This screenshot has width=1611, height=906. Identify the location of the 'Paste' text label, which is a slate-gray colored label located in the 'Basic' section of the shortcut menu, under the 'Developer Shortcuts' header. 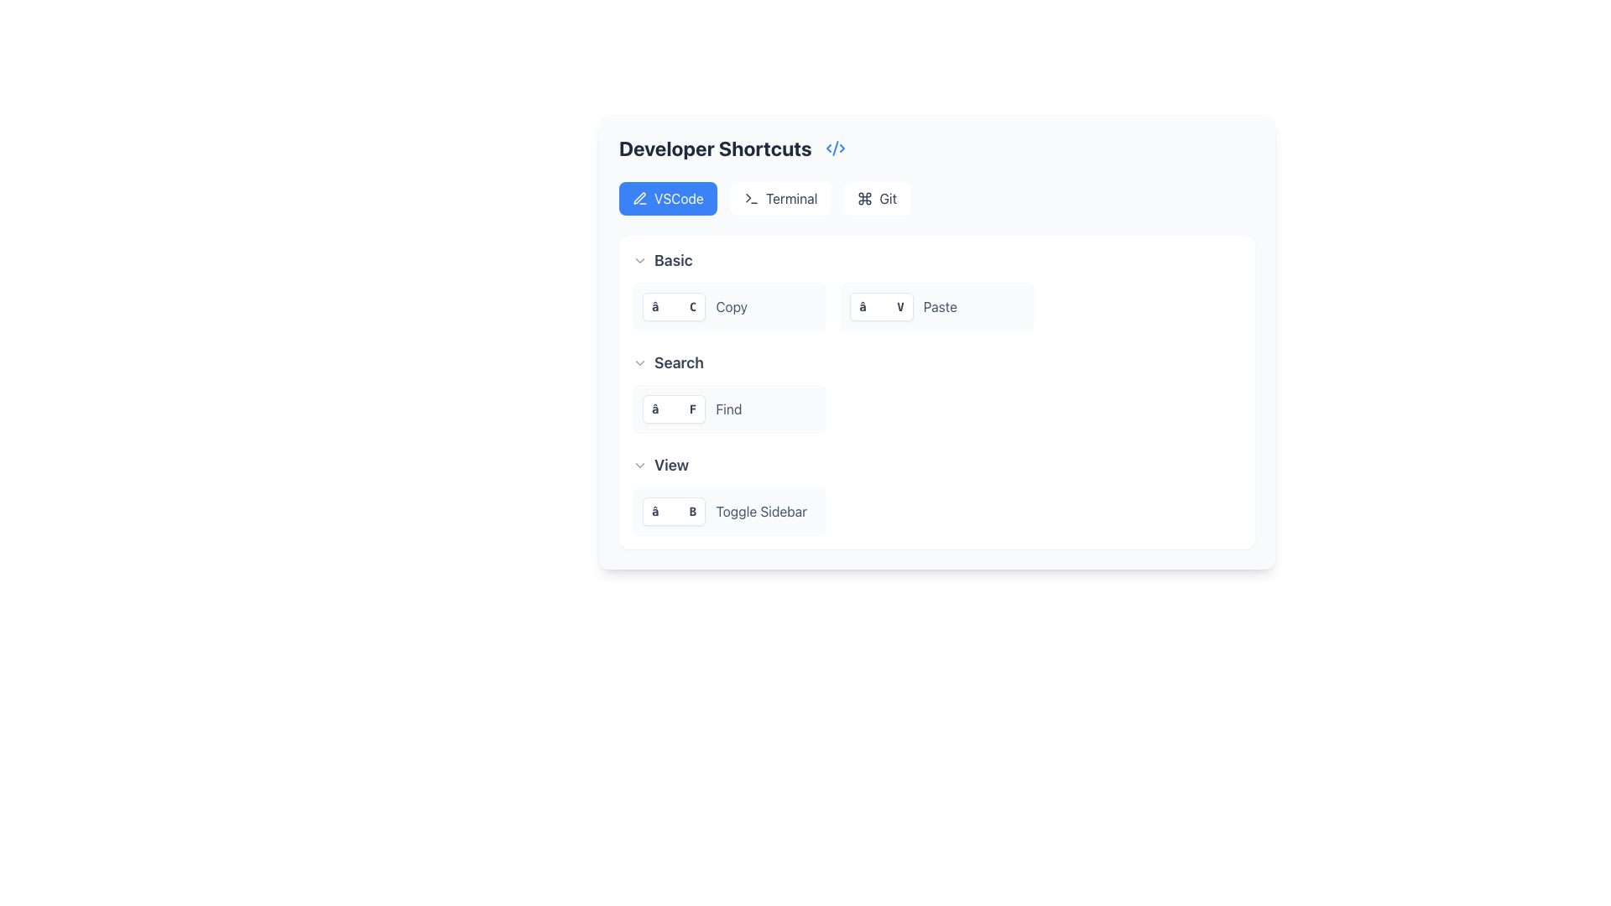
(940, 307).